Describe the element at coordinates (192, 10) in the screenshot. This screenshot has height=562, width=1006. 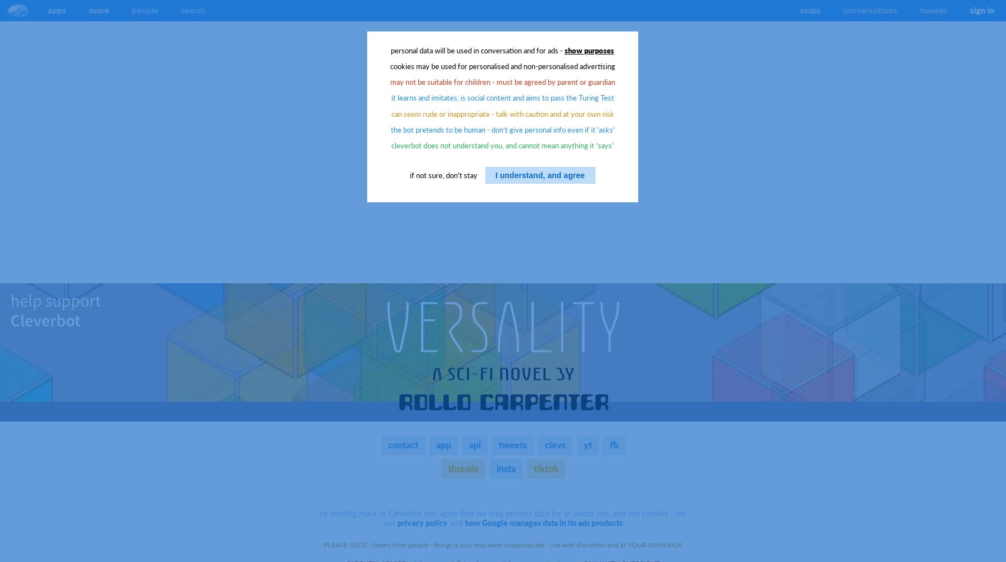
I see `'search'` at that location.